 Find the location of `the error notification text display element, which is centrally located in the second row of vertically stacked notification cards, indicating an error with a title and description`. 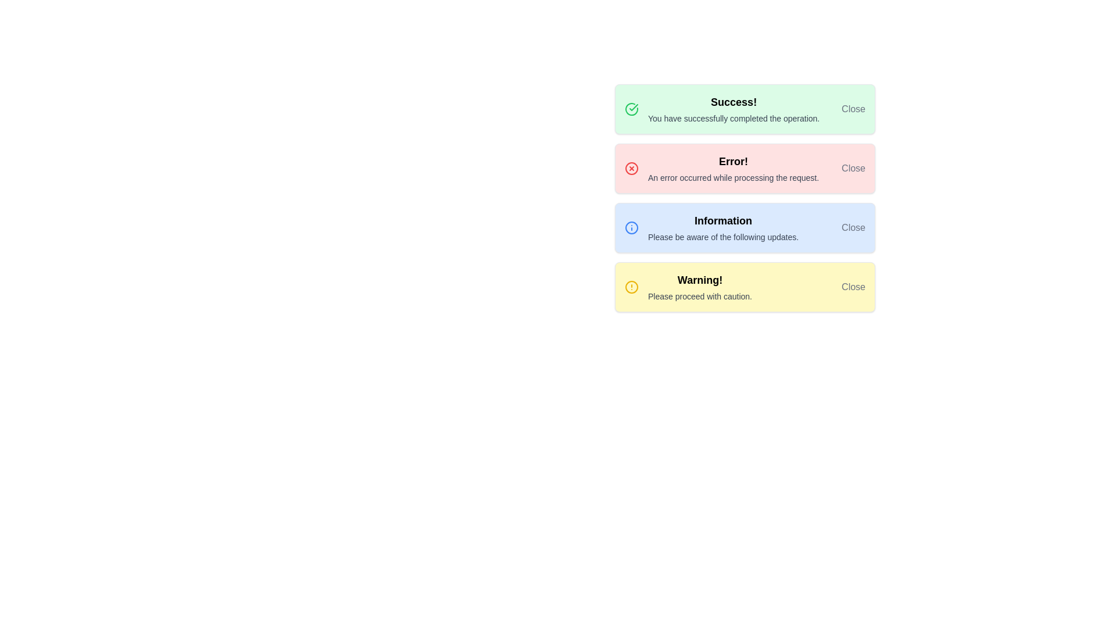

the error notification text display element, which is centrally located in the second row of vertically stacked notification cards, indicating an error with a title and description is located at coordinates (733, 168).